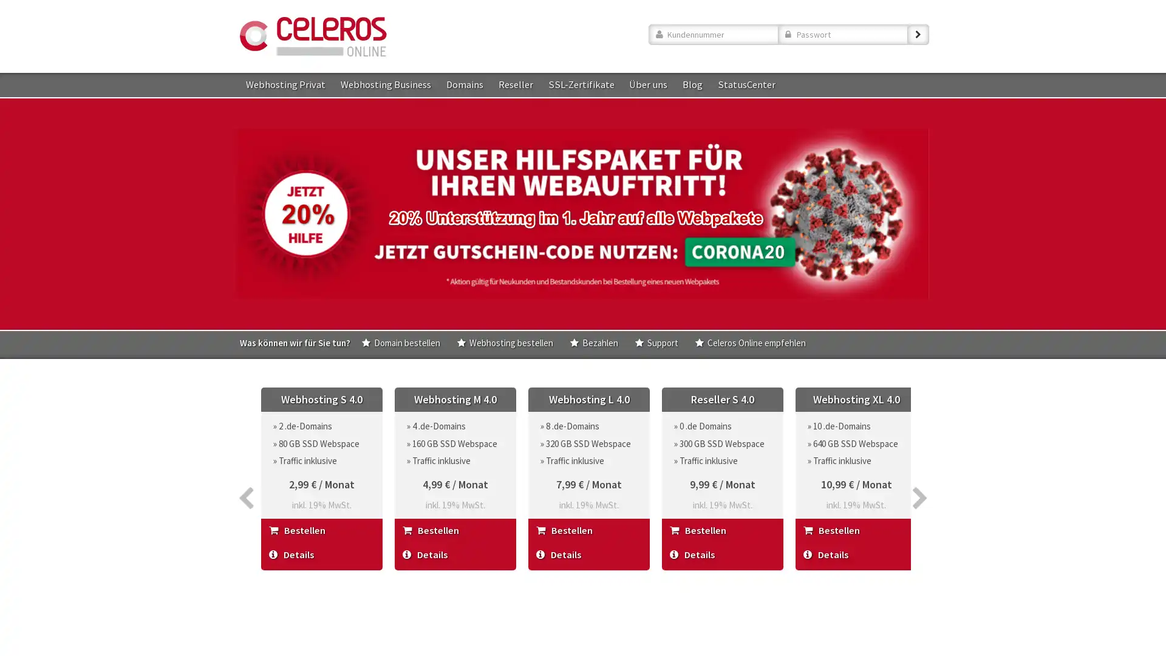 This screenshot has width=1166, height=656. Describe the element at coordinates (920, 465) in the screenshot. I see `Next` at that location.